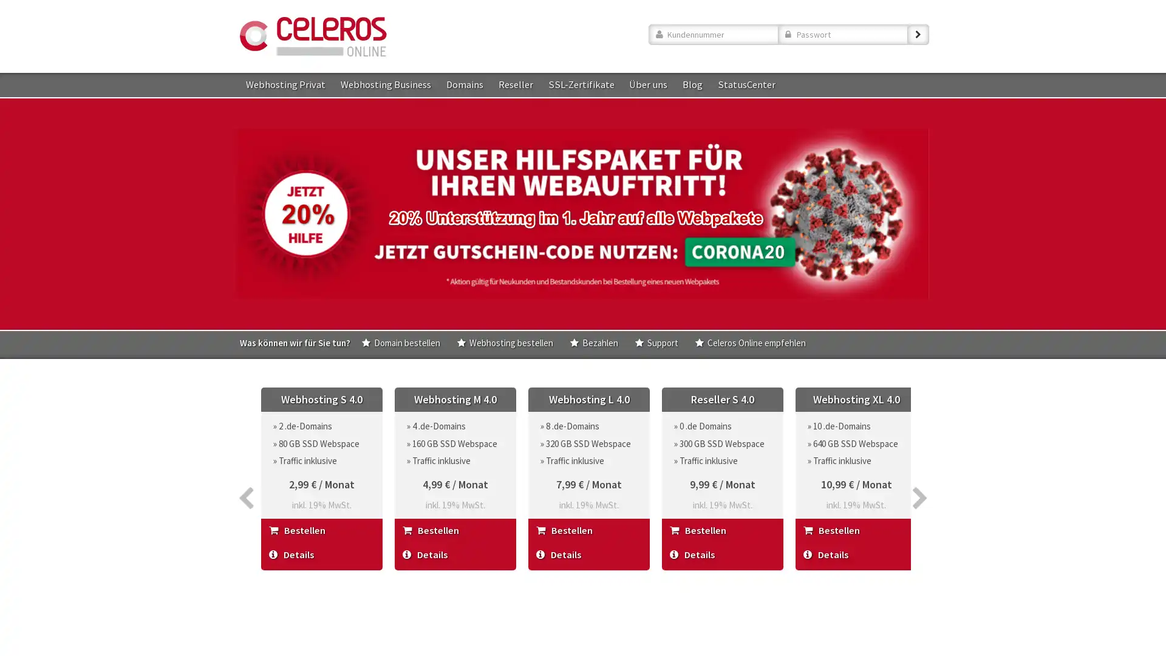 This screenshot has width=1166, height=656. Describe the element at coordinates (920, 465) in the screenshot. I see `Next` at that location.